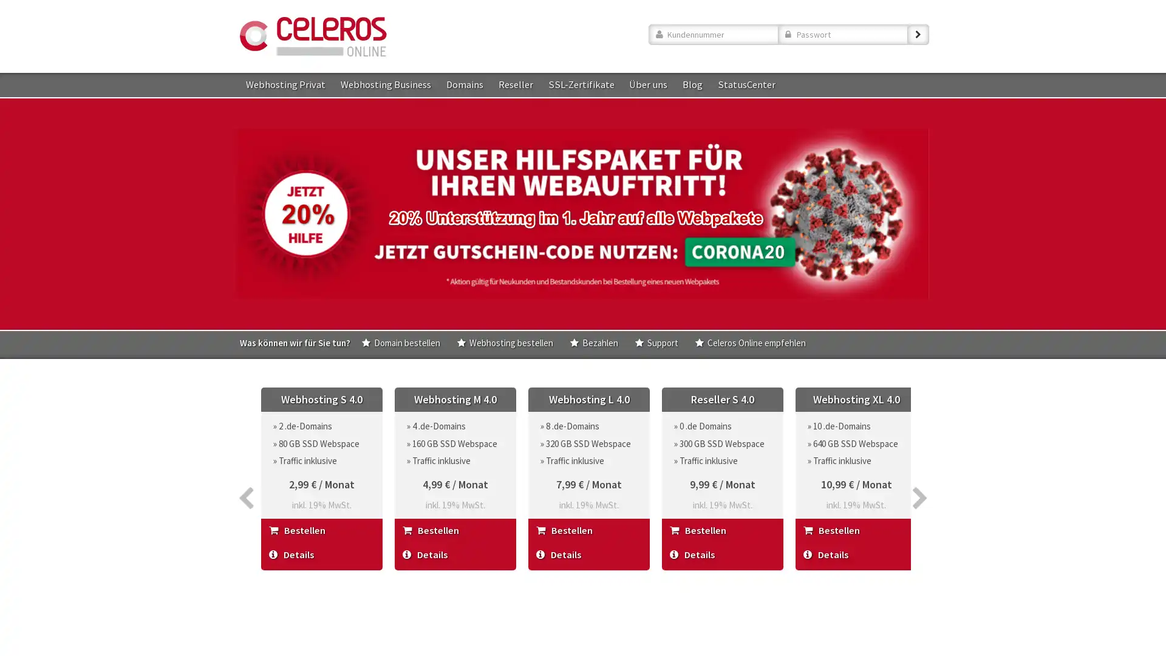 This screenshot has width=1166, height=656. Describe the element at coordinates (920, 465) in the screenshot. I see `Next` at that location.